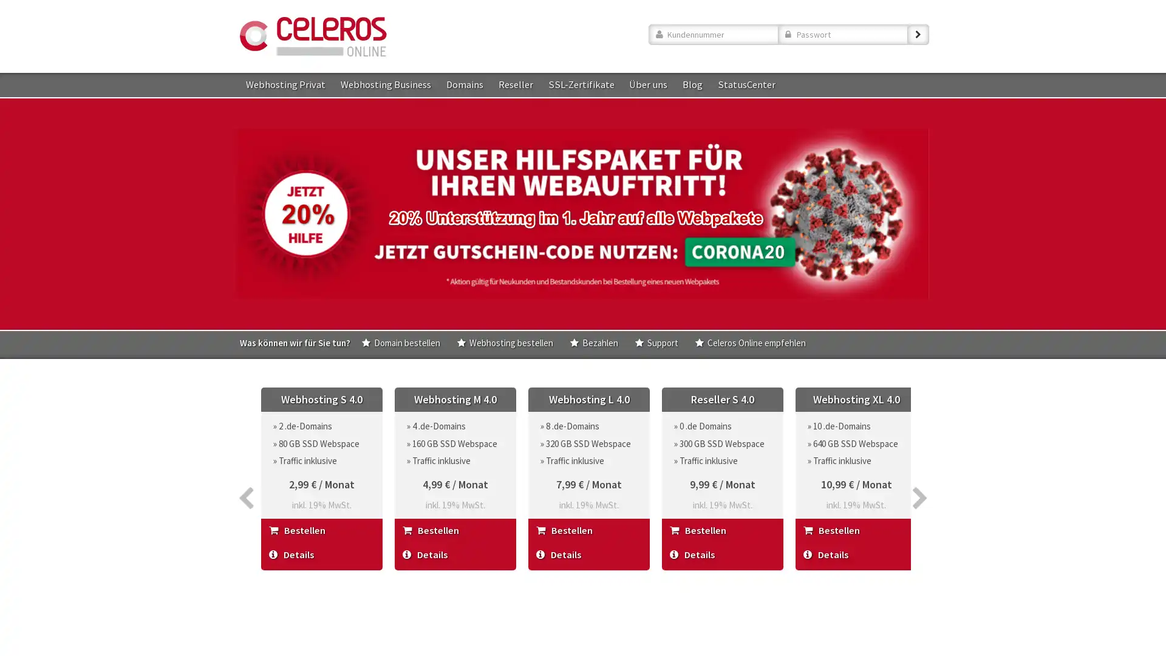 This screenshot has width=1166, height=656. Describe the element at coordinates (920, 465) in the screenshot. I see `Next` at that location.